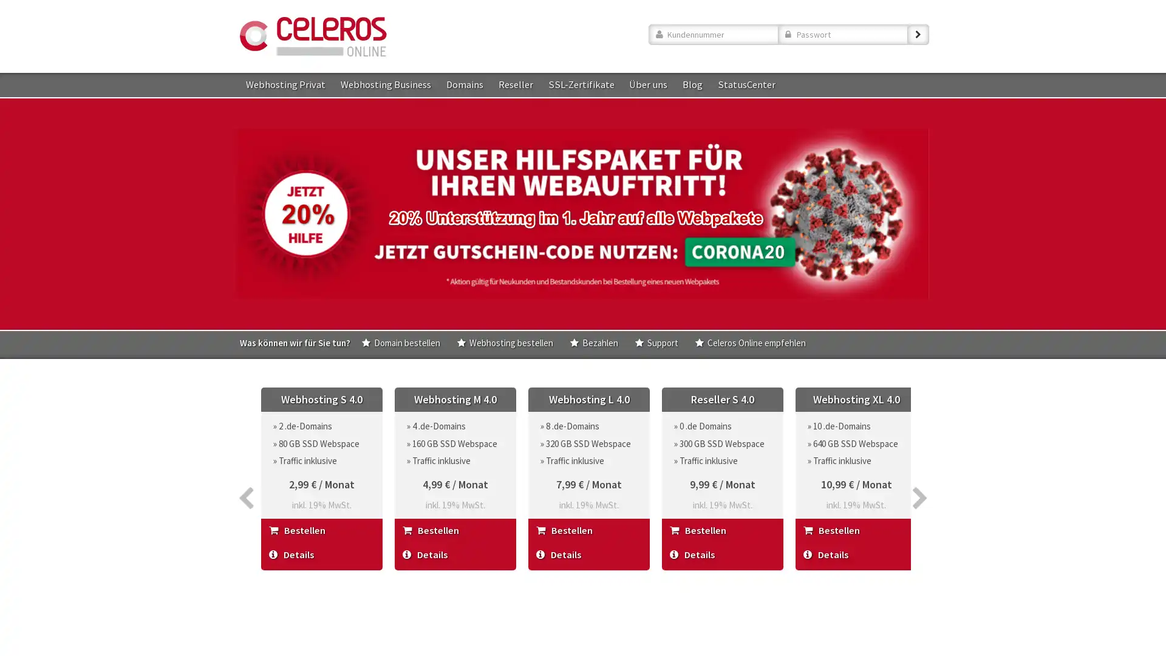 This screenshot has width=1166, height=656. Describe the element at coordinates (920, 465) in the screenshot. I see `Next` at that location.